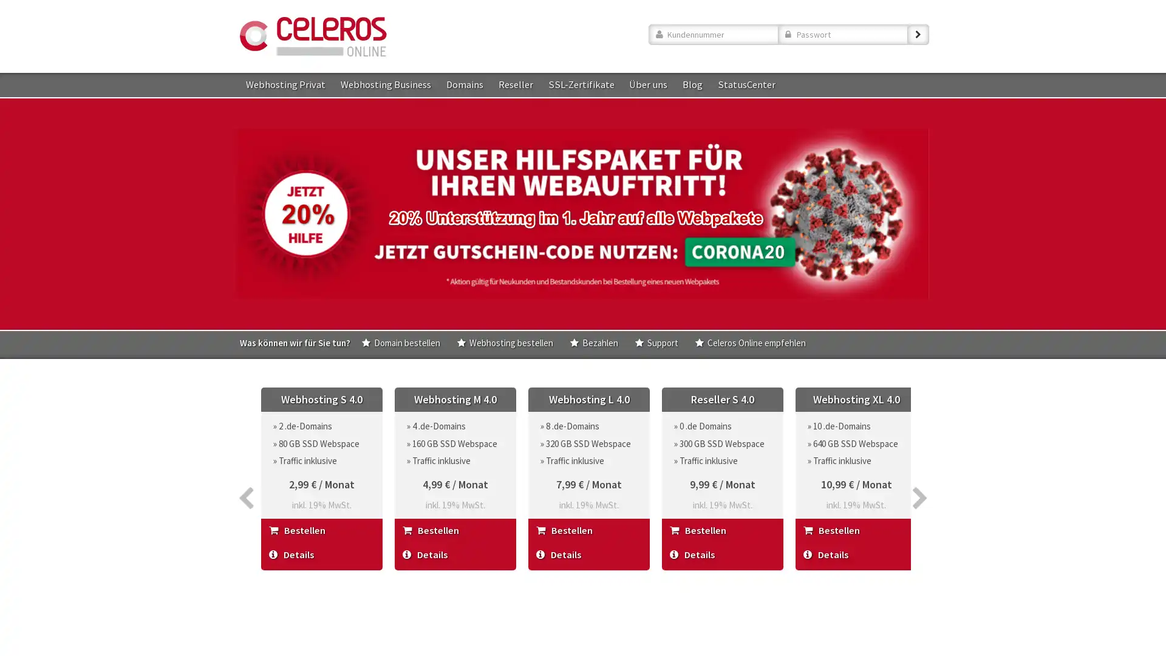 This screenshot has width=1166, height=656. Describe the element at coordinates (920, 465) in the screenshot. I see `Next` at that location.